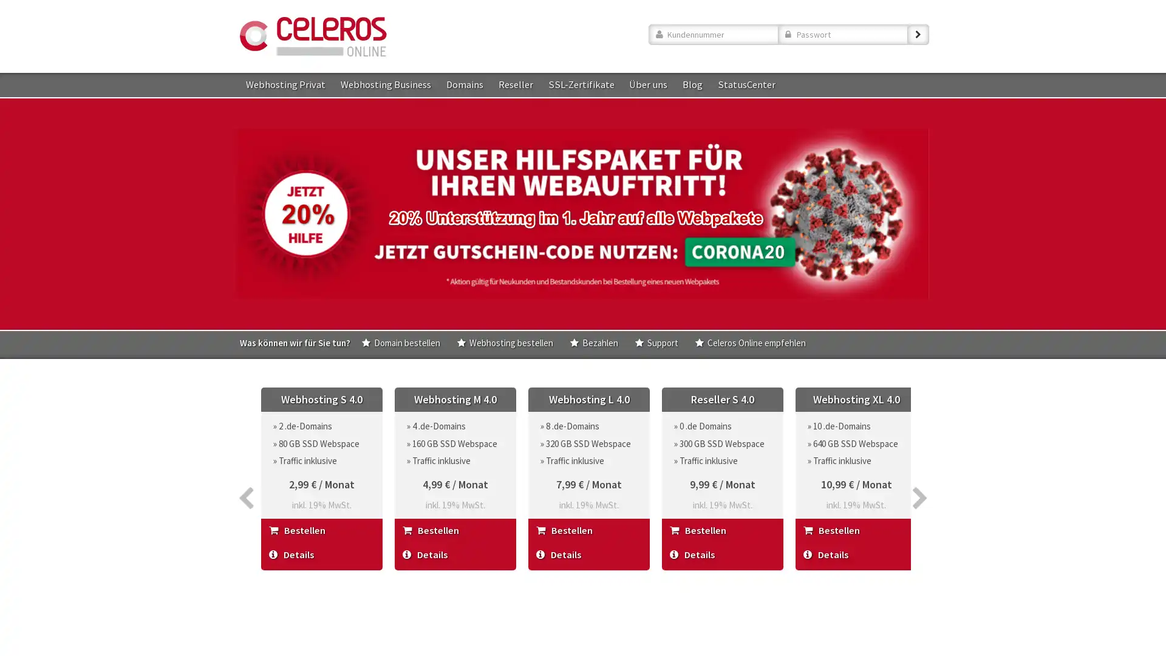 This screenshot has width=1166, height=656. Describe the element at coordinates (920, 465) in the screenshot. I see `Next` at that location.